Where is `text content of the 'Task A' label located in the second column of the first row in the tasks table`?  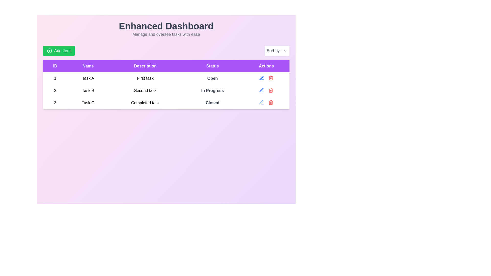 text content of the 'Task A' label located in the second column of the first row in the tasks table is located at coordinates (88, 78).